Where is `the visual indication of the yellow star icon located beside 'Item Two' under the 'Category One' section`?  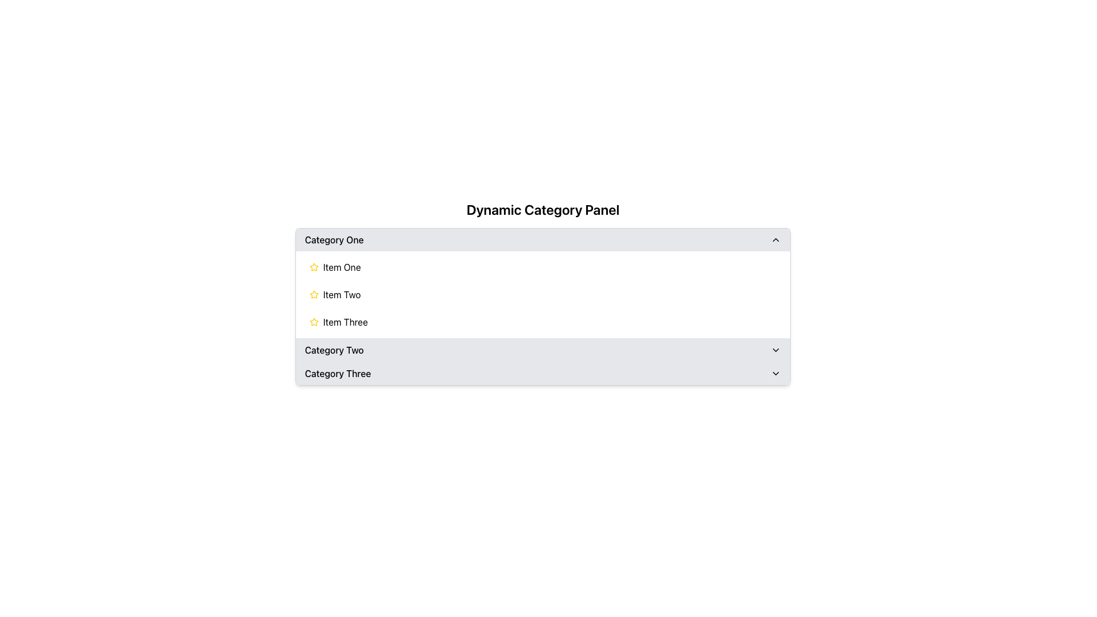 the visual indication of the yellow star icon located beside 'Item Two' under the 'Category One' section is located at coordinates (314, 294).